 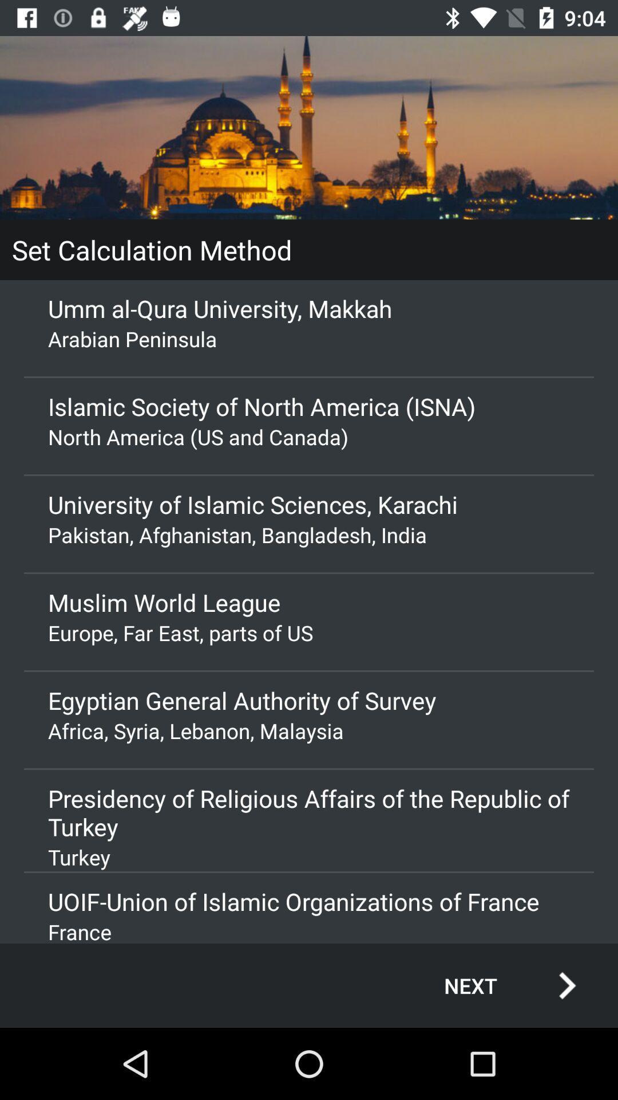 What do you see at coordinates (309, 534) in the screenshot?
I see `pakistan afghanistan bangladesh item` at bounding box center [309, 534].